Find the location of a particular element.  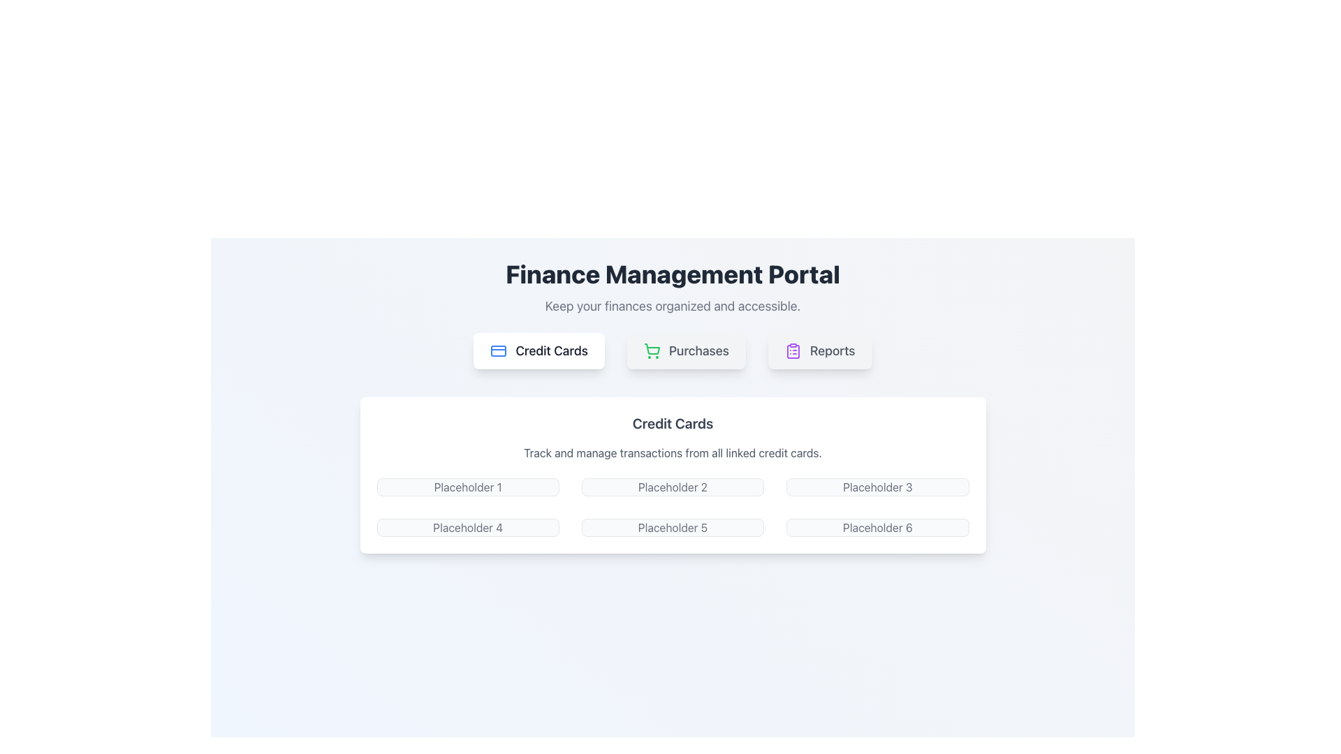

the functionalities linked within the 'Credit Cards' section, which features a bold header and interactive placeholders arranged in a grid layout is located at coordinates (673, 475).